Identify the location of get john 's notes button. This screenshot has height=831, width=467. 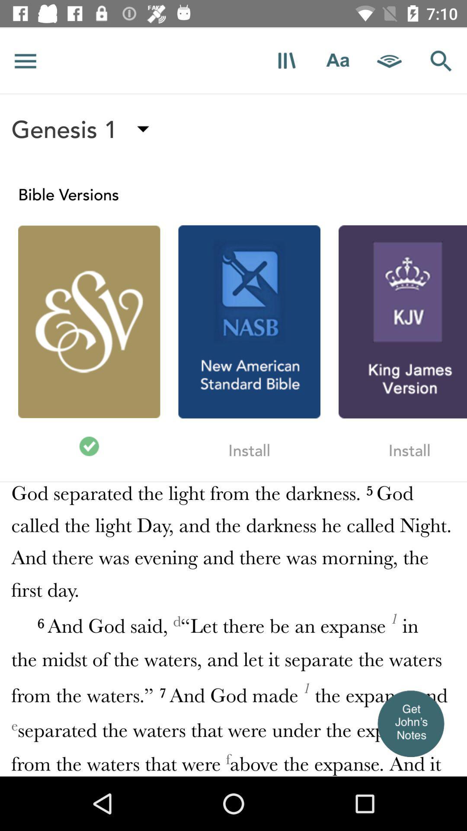
(410, 723).